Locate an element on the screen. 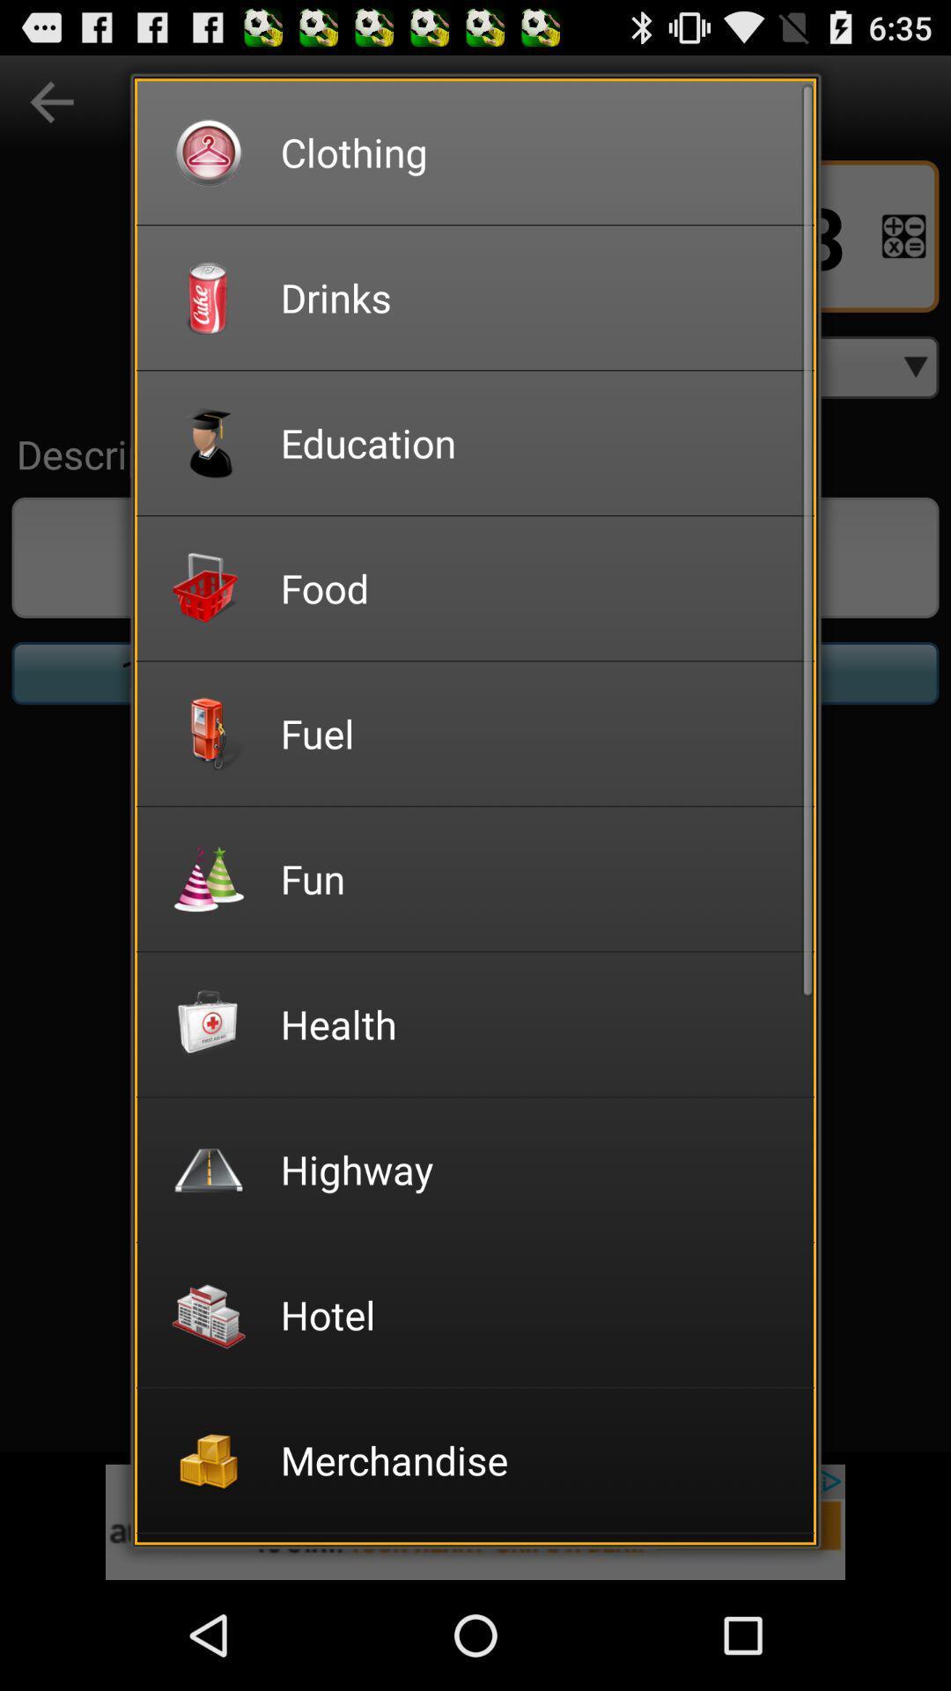 This screenshot has height=1691, width=951. item below the hotel item is located at coordinates (534, 1459).